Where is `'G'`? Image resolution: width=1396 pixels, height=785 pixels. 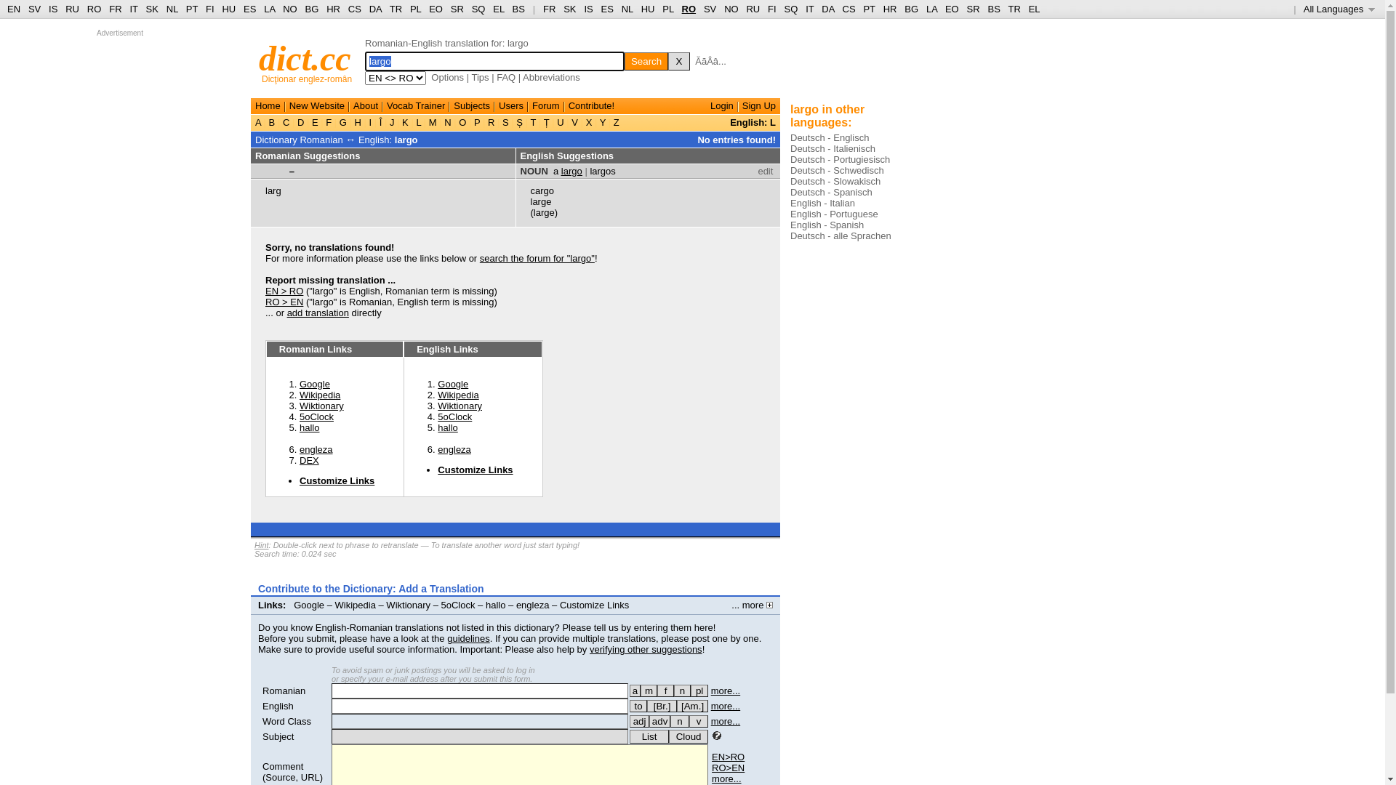
'G' is located at coordinates (342, 121).